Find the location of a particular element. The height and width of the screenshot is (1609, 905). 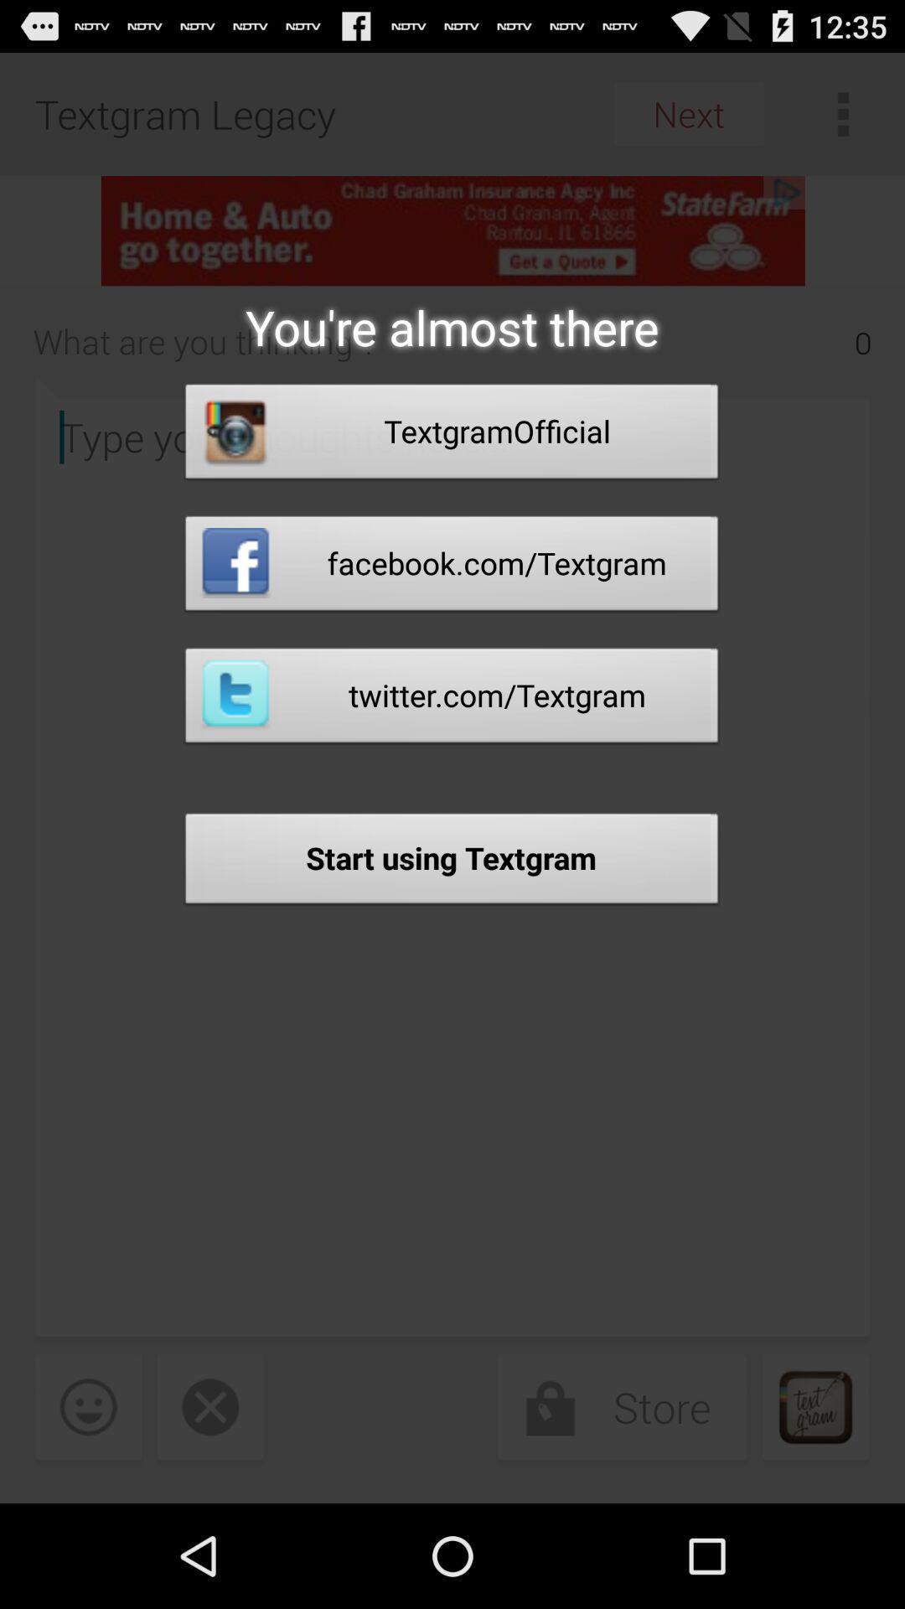

button below the twitter.com/textgram icon is located at coordinates (451, 863).